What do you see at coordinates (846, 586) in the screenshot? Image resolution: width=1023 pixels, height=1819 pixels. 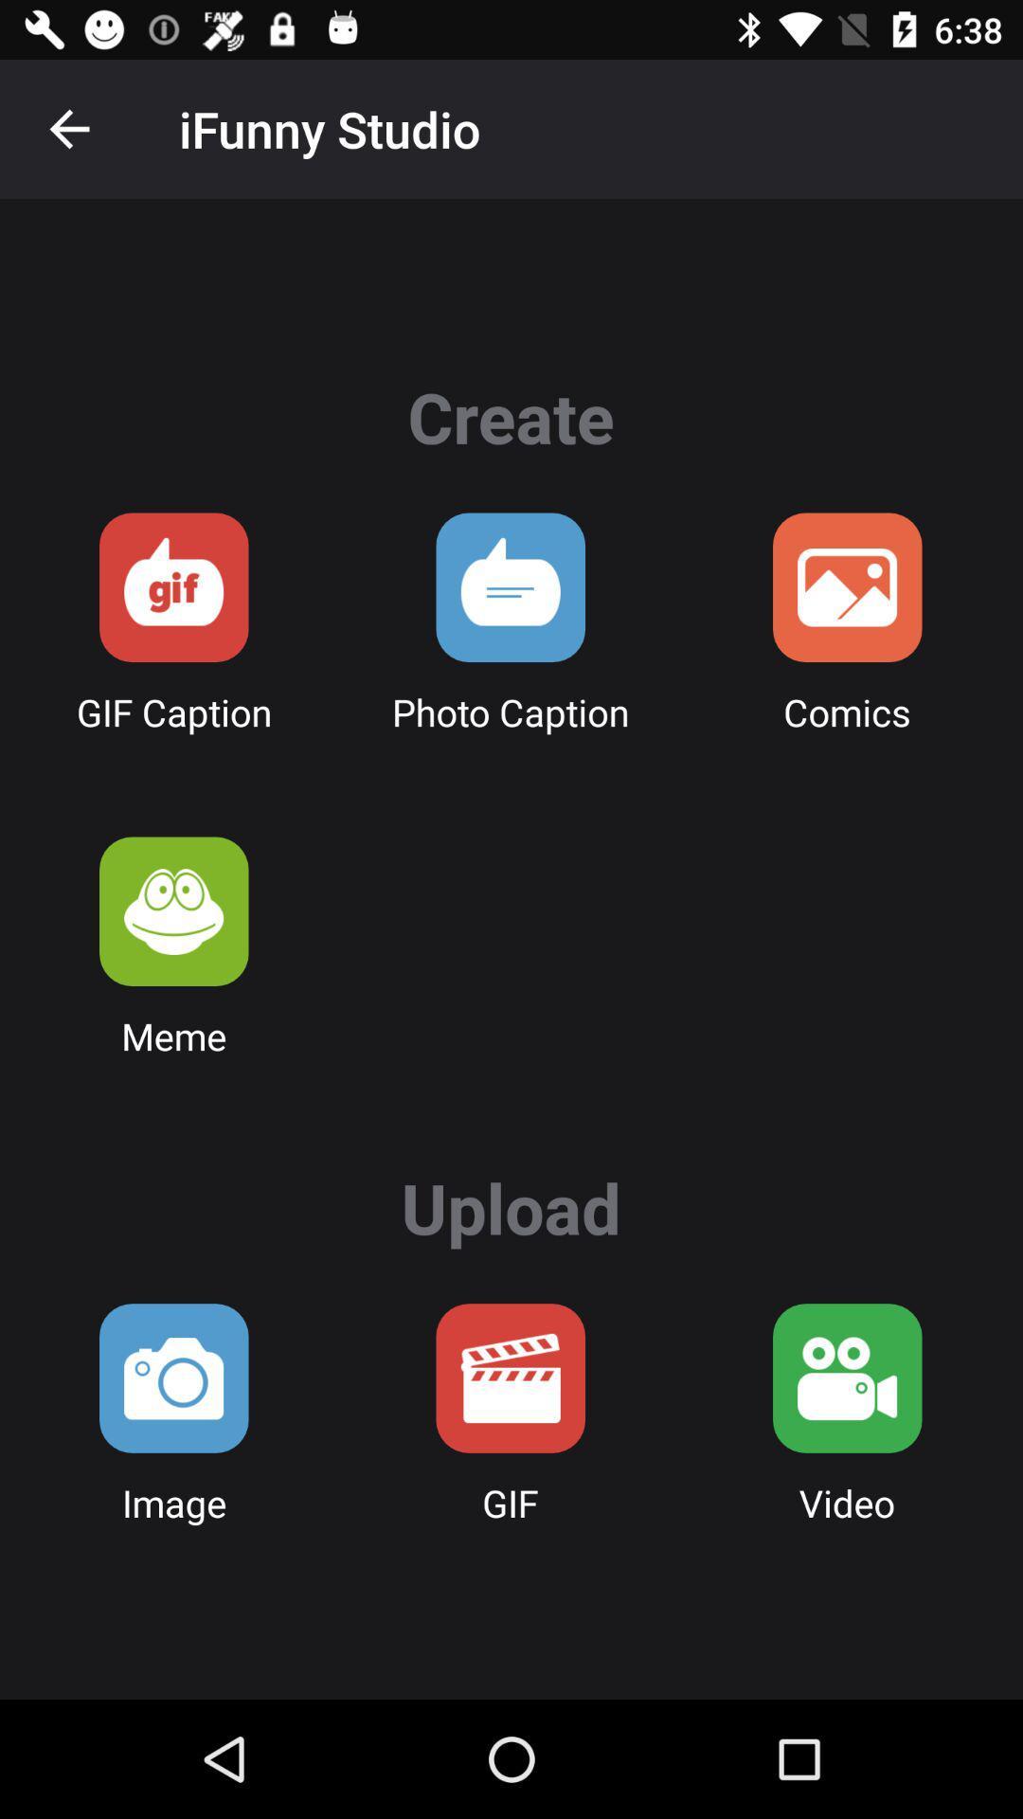 I see `with cartoon style` at bounding box center [846, 586].